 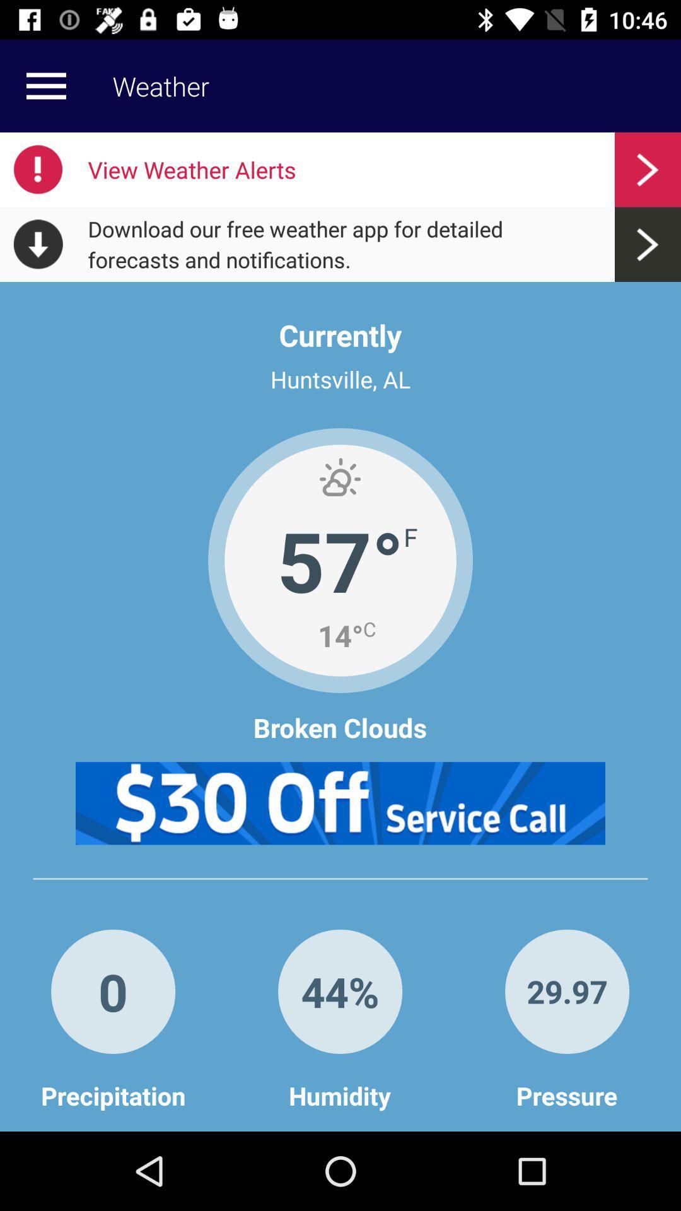 What do you see at coordinates (45, 85) in the screenshot?
I see `the menu icon` at bounding box center [45, 85].